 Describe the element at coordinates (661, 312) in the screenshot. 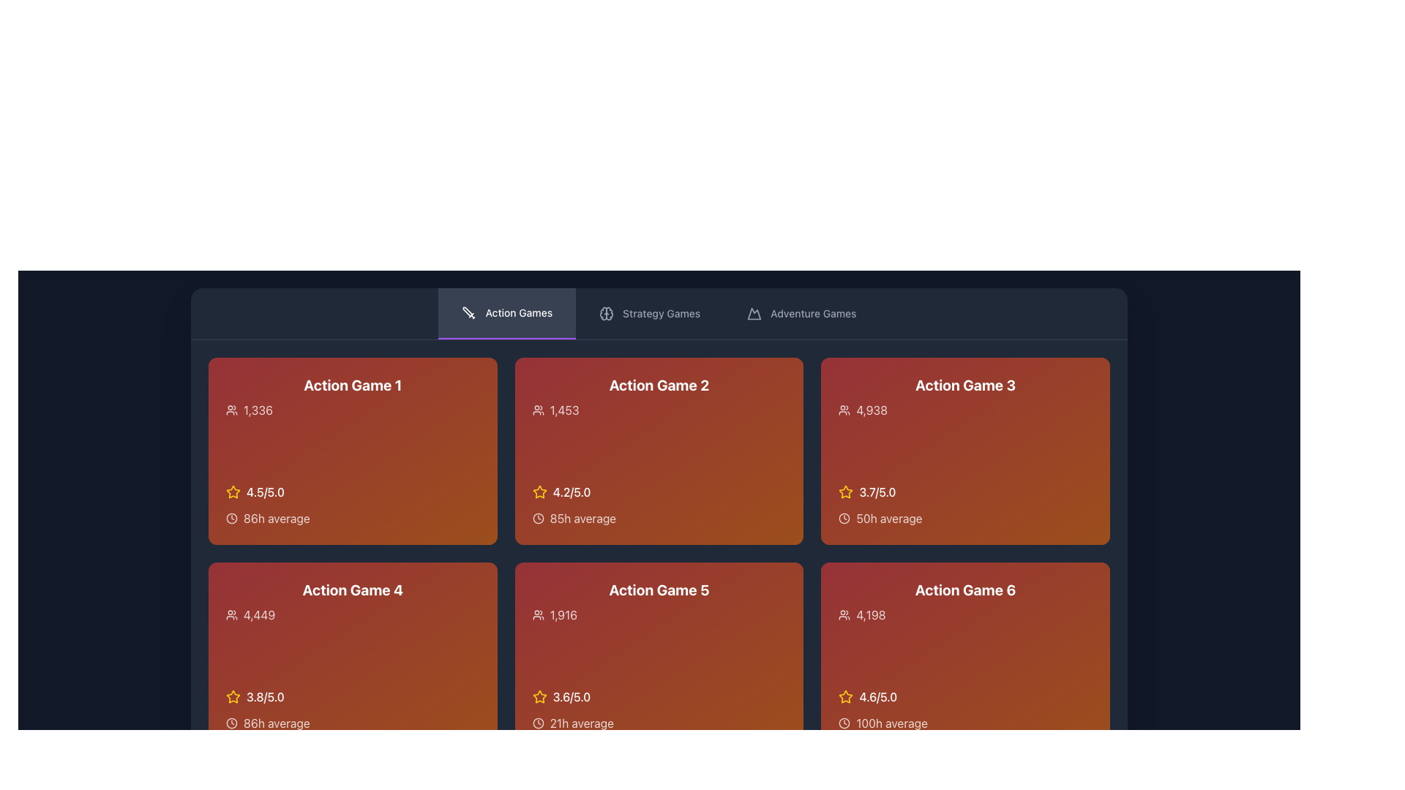

I see `the 'Strategy Games' text button in the upper central area of the interface` at that location.